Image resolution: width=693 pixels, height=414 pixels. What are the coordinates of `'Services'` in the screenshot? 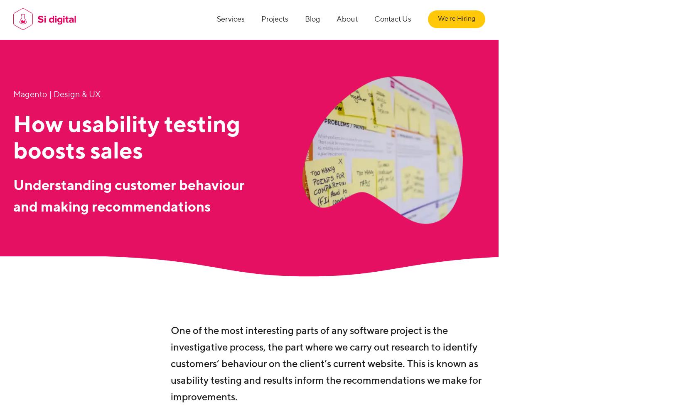 It's located at (230, 19).